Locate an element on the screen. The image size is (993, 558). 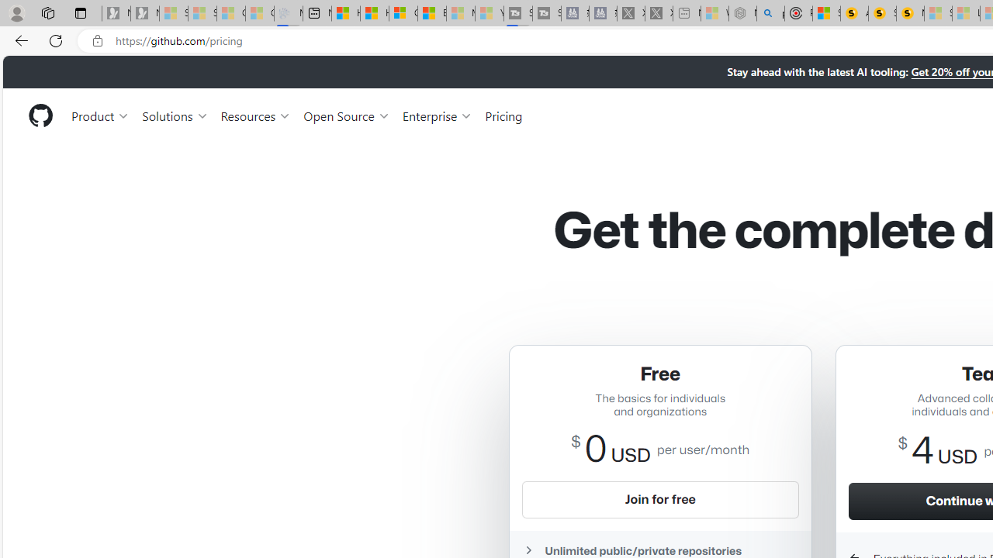
'Join for free' is located at coordinates (660, 499).